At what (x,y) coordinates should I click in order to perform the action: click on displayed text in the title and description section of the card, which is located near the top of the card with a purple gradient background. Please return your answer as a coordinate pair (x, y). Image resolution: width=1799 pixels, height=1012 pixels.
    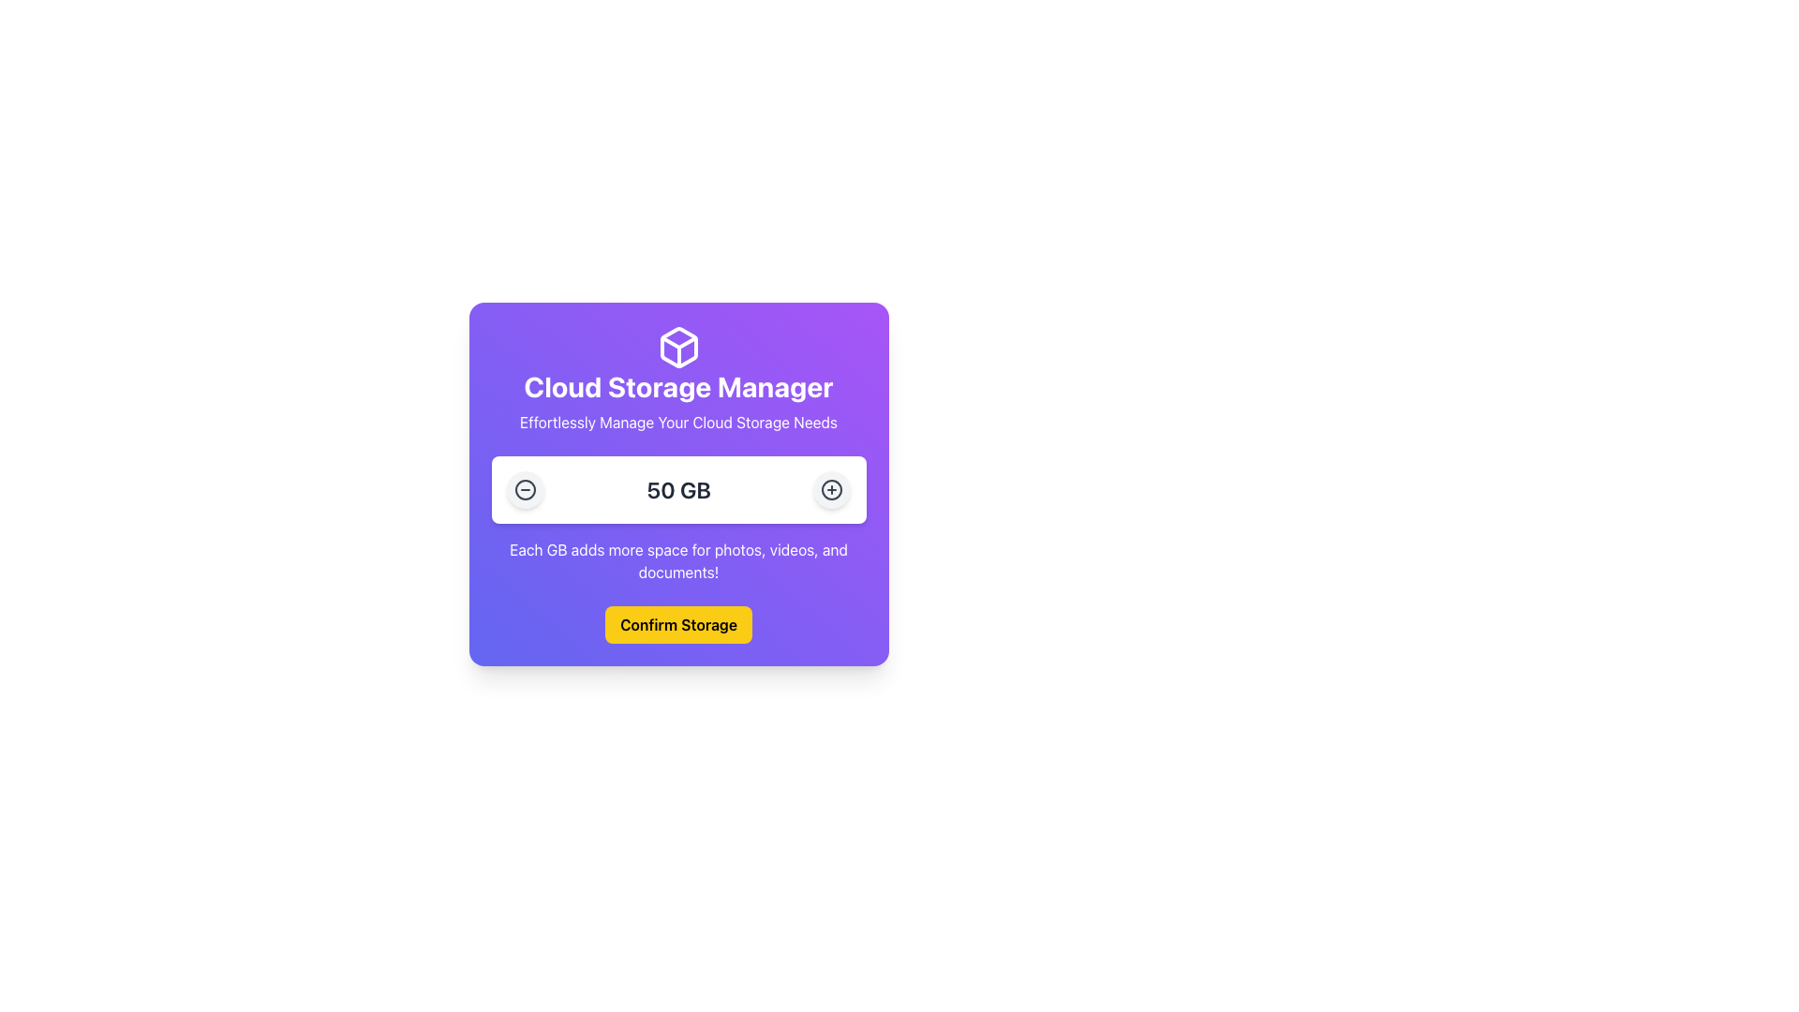
    Looking at the image, I should click on (677, 379).